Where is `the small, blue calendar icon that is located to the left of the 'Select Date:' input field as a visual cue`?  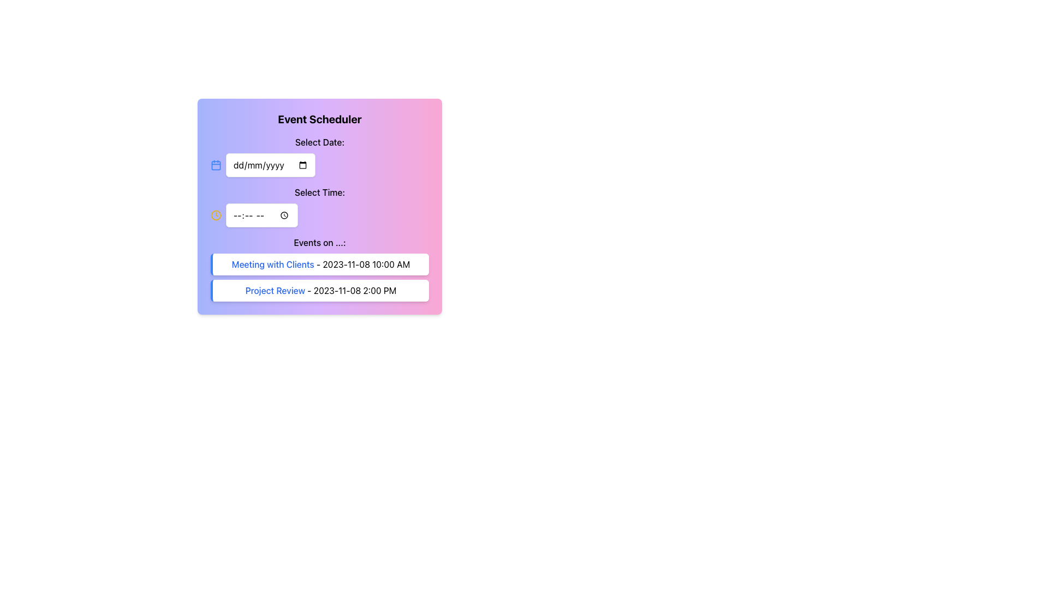 the small, blue calendar icon that is located to the left of the 'Select Date:' input field as a visual cue is located at coordinates (216, 165).